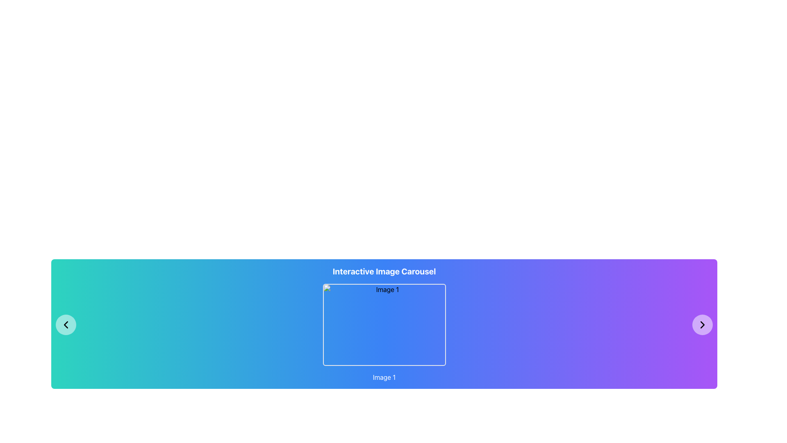  Describe the element at coordinates (66, 324) in the screenshot. I see `the left navigation button icon in the carousel` at that location.